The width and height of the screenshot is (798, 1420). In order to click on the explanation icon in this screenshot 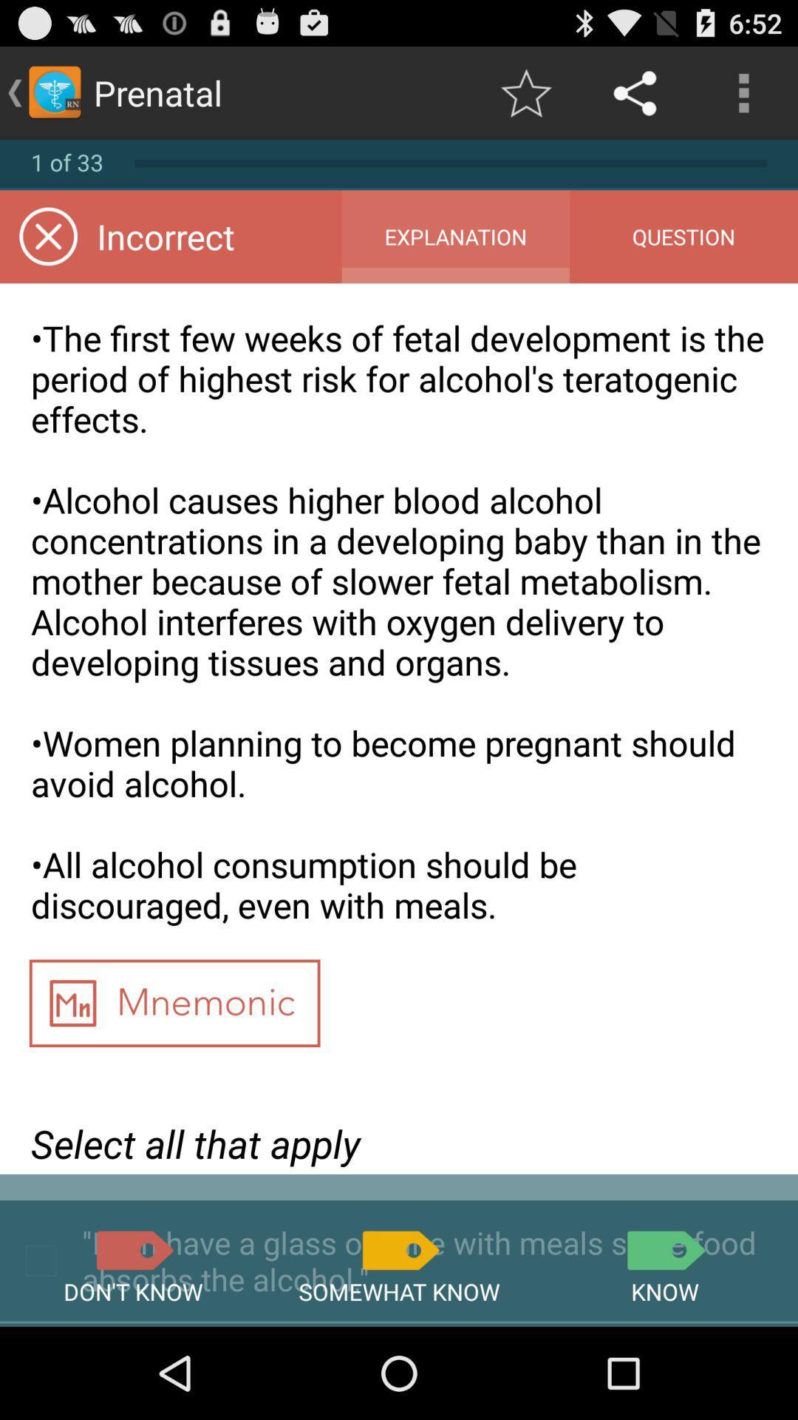, I will do `click(454, 237)`.